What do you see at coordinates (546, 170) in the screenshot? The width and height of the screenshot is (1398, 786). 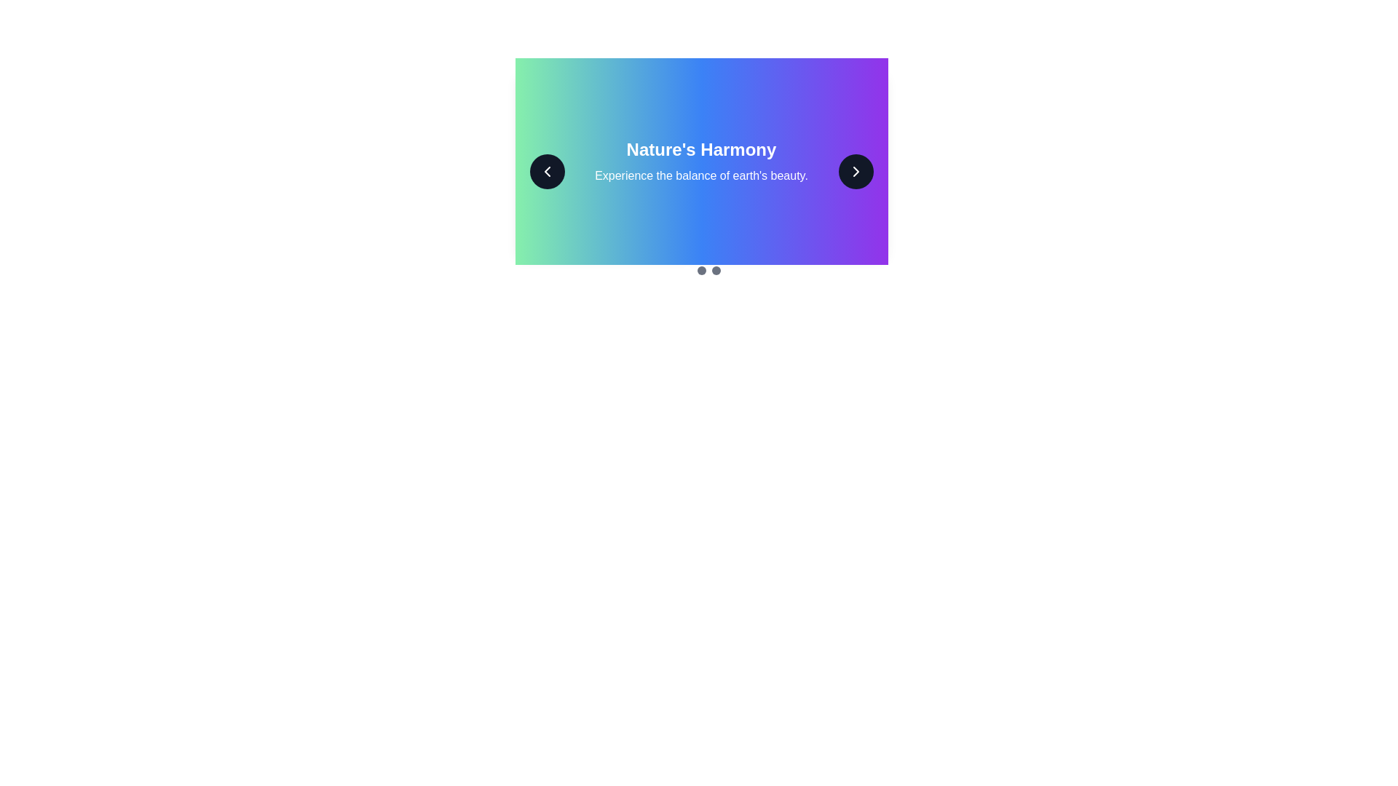 I see `the leftward pointing chevron icon, which is styled as a white arrow inside a circular black button` at bounding box center [546, 170].